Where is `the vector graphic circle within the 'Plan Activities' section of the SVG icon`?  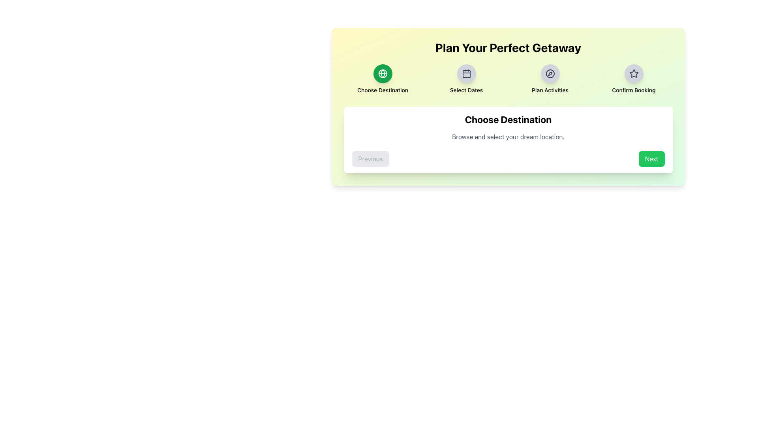
the vector graphic circle within the 'Plan Activities' section of the SVG icon is located at coordinates (550, 73).